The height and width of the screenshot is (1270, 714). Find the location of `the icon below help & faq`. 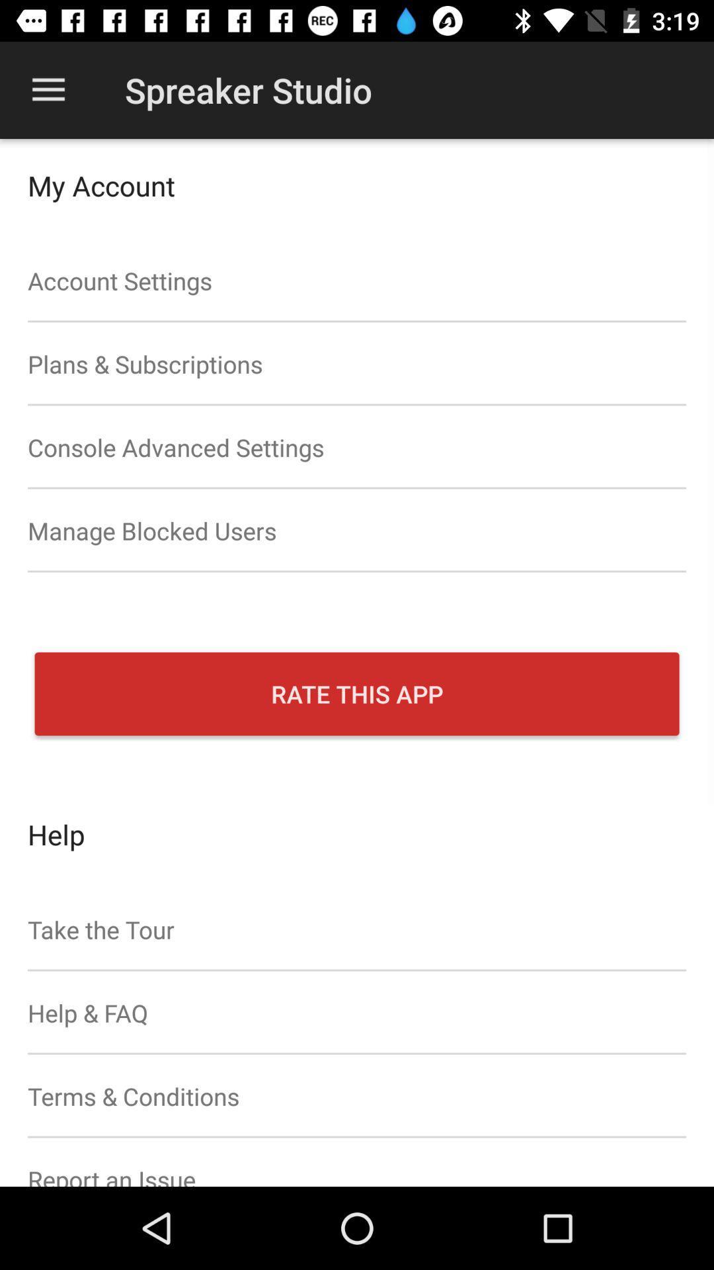

the icon below help & faq is located at coordinates (357, 1096).